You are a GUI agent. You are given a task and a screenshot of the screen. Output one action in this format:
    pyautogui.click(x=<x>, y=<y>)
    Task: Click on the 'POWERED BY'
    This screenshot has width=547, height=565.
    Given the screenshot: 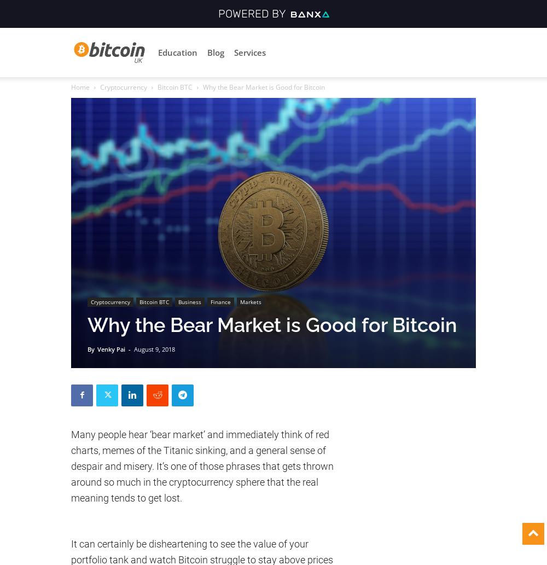 What is the action you would take?
    pyautogui.click(x=253, y=13)
    